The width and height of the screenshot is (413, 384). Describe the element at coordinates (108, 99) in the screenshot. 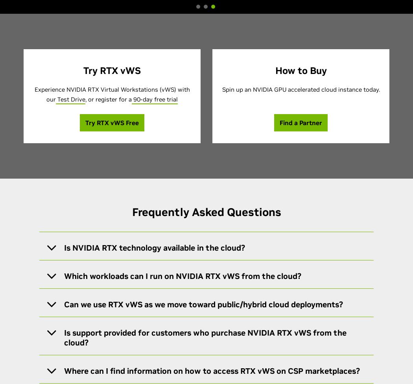

I see `', or register for a'` at that location.